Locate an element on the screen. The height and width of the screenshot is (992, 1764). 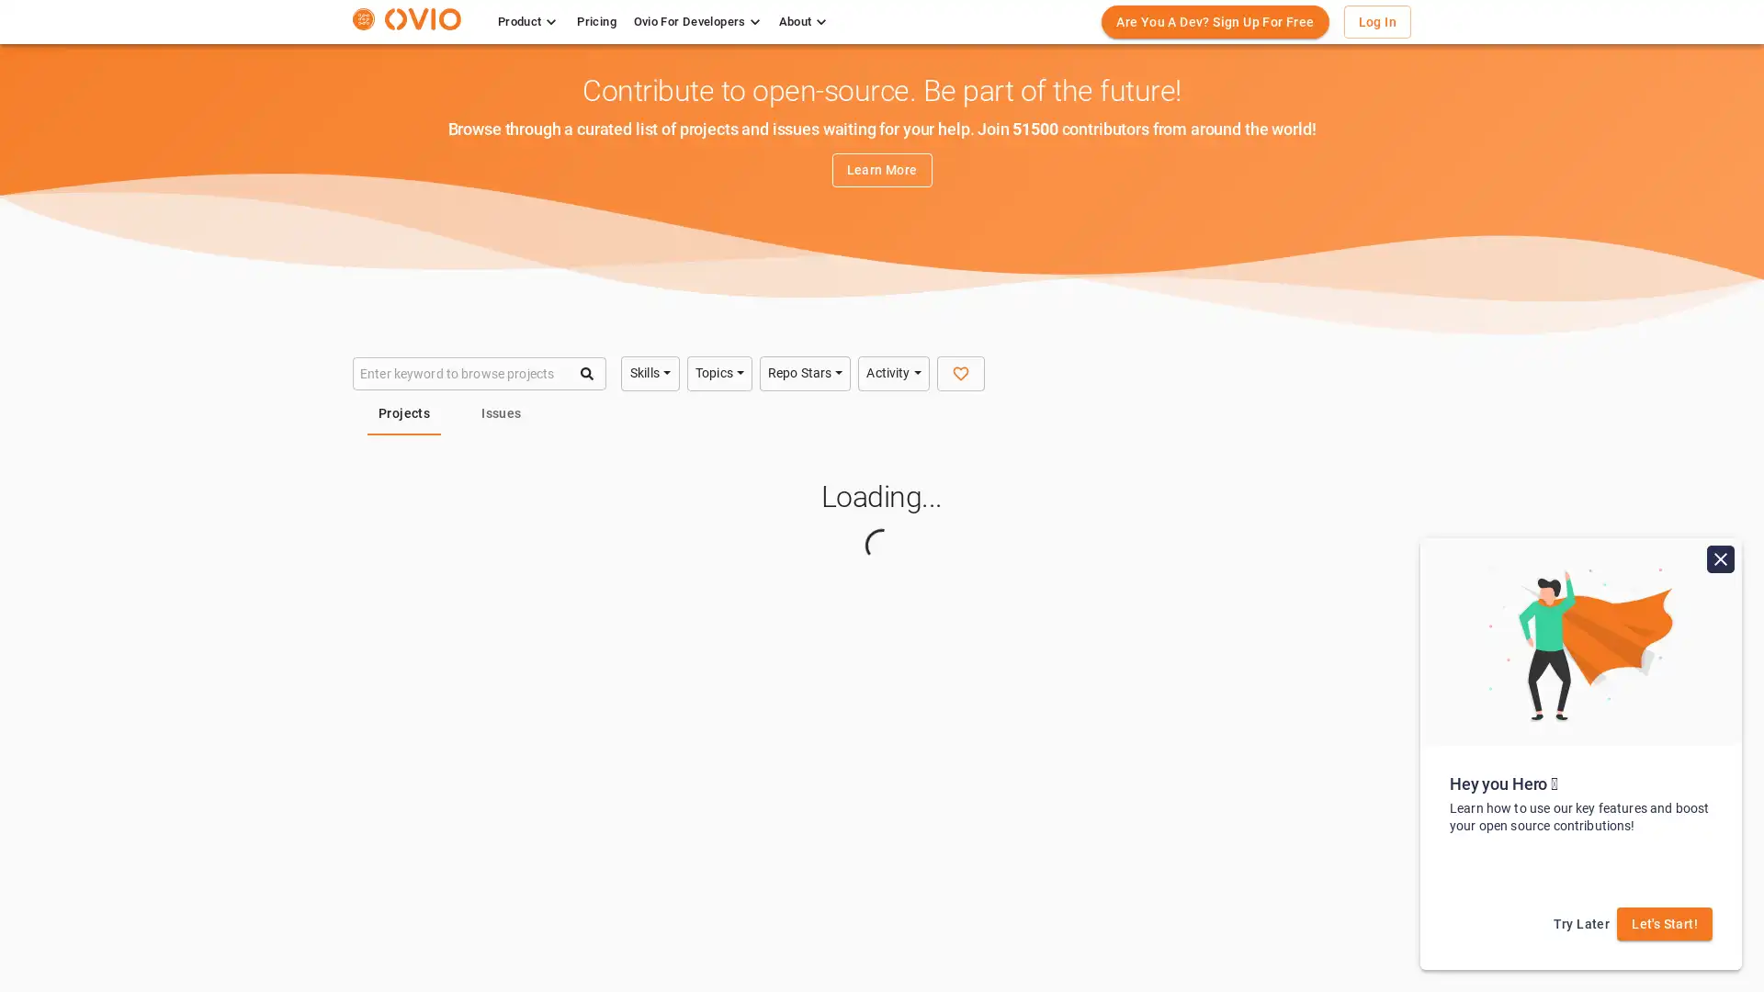
C, C++ is located at coordinates (1027, 751).